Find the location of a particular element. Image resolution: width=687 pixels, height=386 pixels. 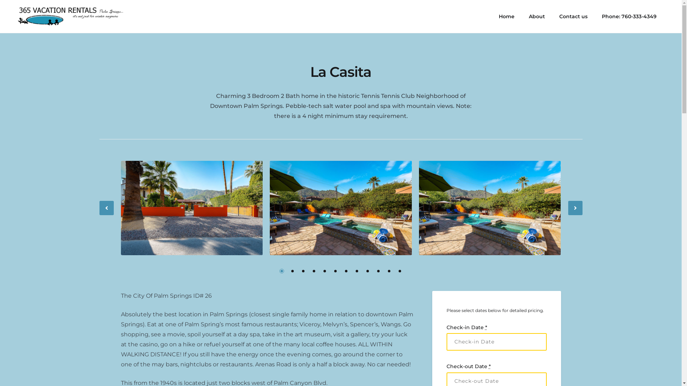

'Home' is located at coordinates (506, 16).